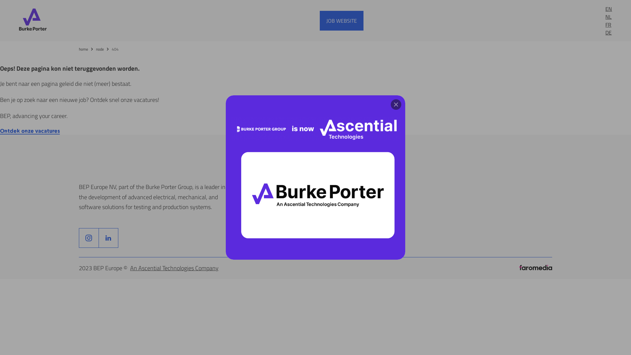  Describe the element at coordinates (88, 238) in the screenshot. I see `'F'` at that location.